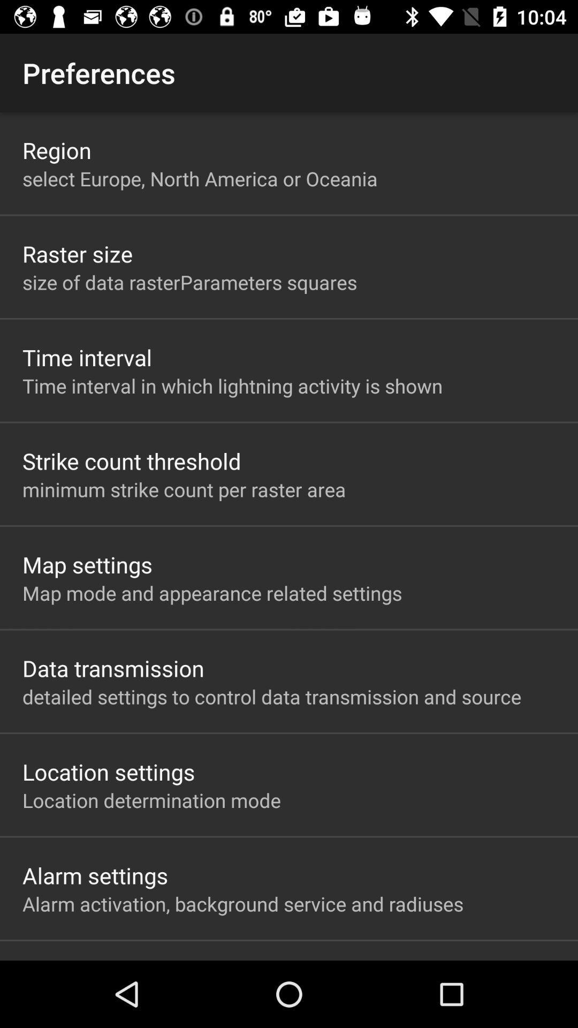  I want to click on alarm activation background icon, so click(243, 903).